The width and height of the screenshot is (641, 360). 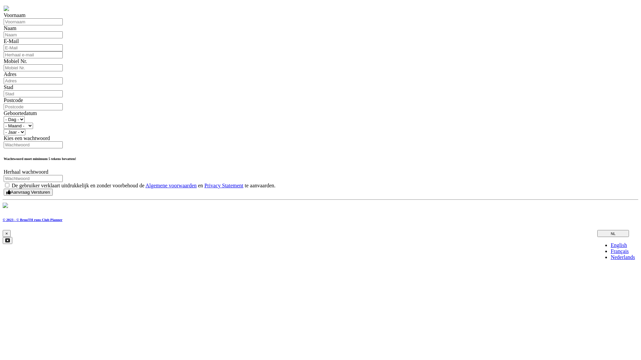 I want to click on 'Algemene voorwaarden', so click(x=145, y=185).